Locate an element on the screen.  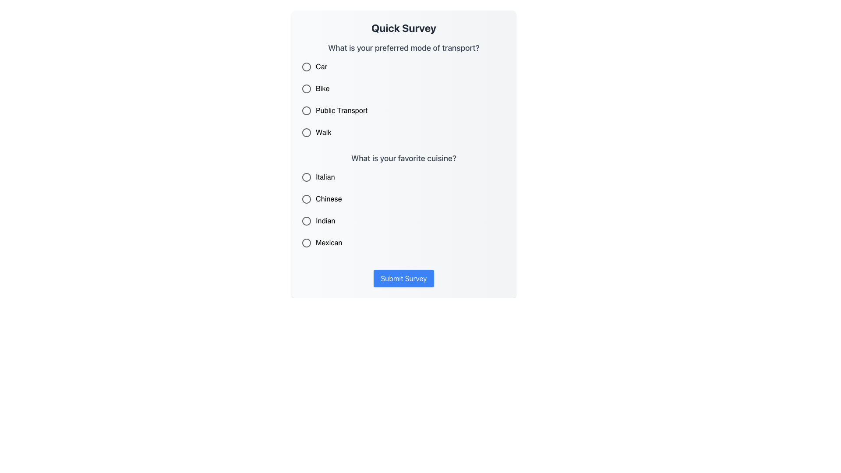
the 'Indian' radio button is located at coordinates (307, 221).